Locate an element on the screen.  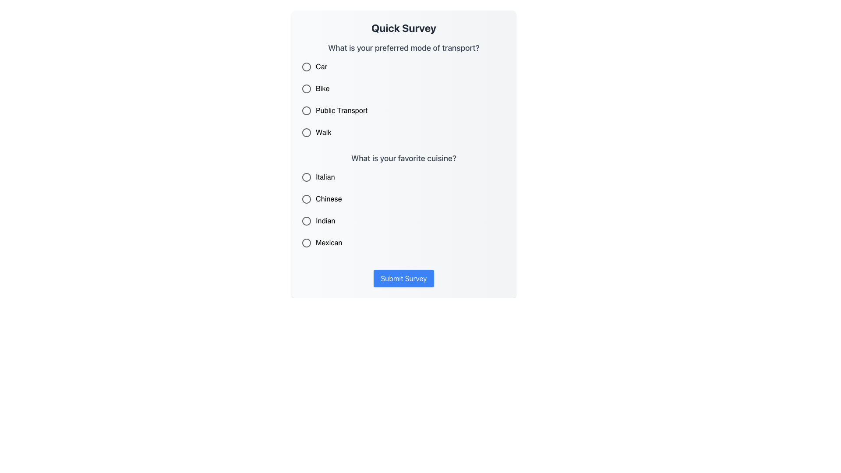
the 'Indian' radio button is located at coordinates (307, 221).